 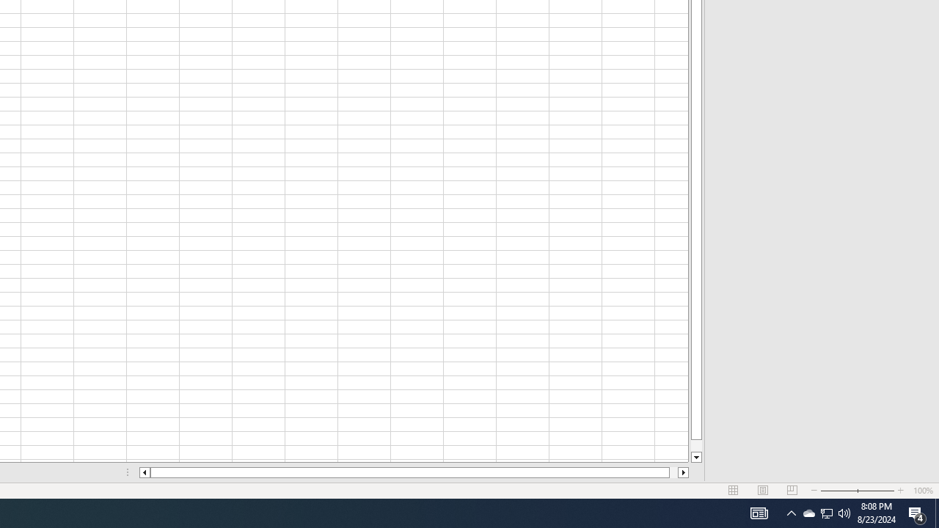 What do you see at coordinates (838, 491) in the screenshot?
I see `'Zoom Out'` at bounding box center [838, 491].